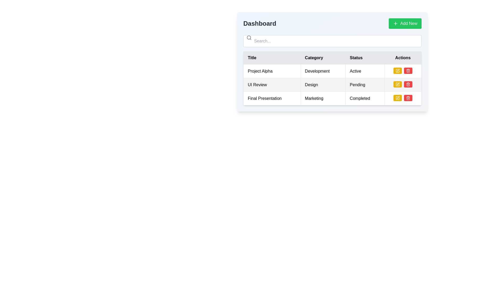 This screenshot has height=283, width=504. What do you see at coordinates (323, 71) in the screenshot?
I see `text displayed in the static text cell located in the second column of the first row under the 'Category' header` at bounding box center [323, 71].